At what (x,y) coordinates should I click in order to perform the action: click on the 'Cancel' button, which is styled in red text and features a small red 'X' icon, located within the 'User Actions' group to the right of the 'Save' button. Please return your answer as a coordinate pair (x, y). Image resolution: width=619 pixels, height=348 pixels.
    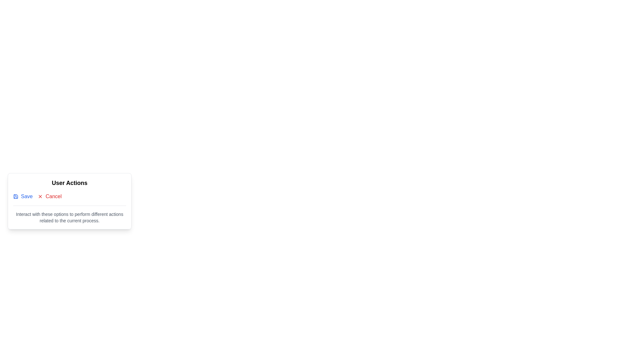
    Looking at the image, I should click on (49, 196).